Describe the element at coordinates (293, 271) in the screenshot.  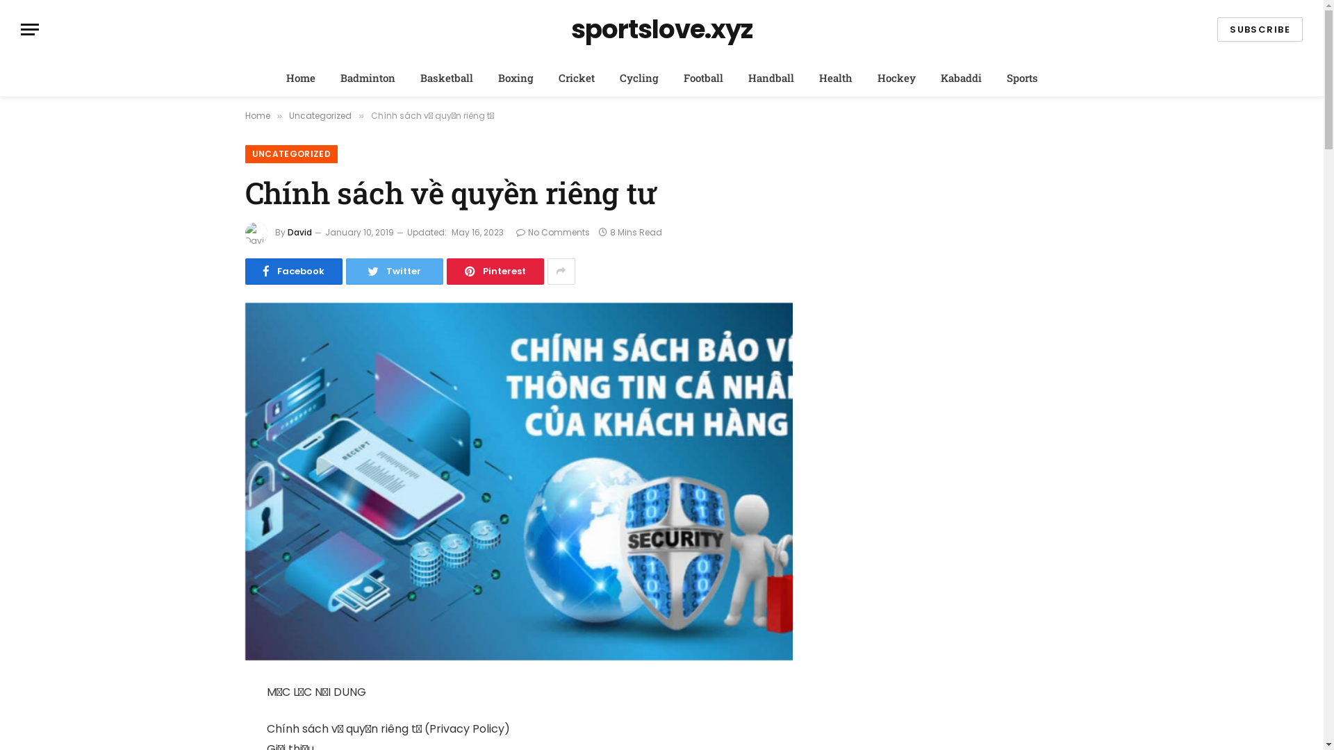
I see `'Facebook'` at that location.